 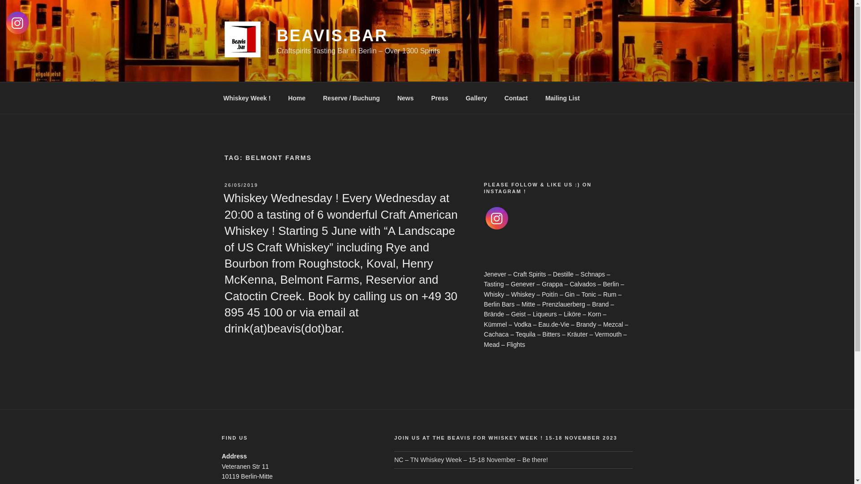 I want to click on 'News', so click(x=389, y=98).